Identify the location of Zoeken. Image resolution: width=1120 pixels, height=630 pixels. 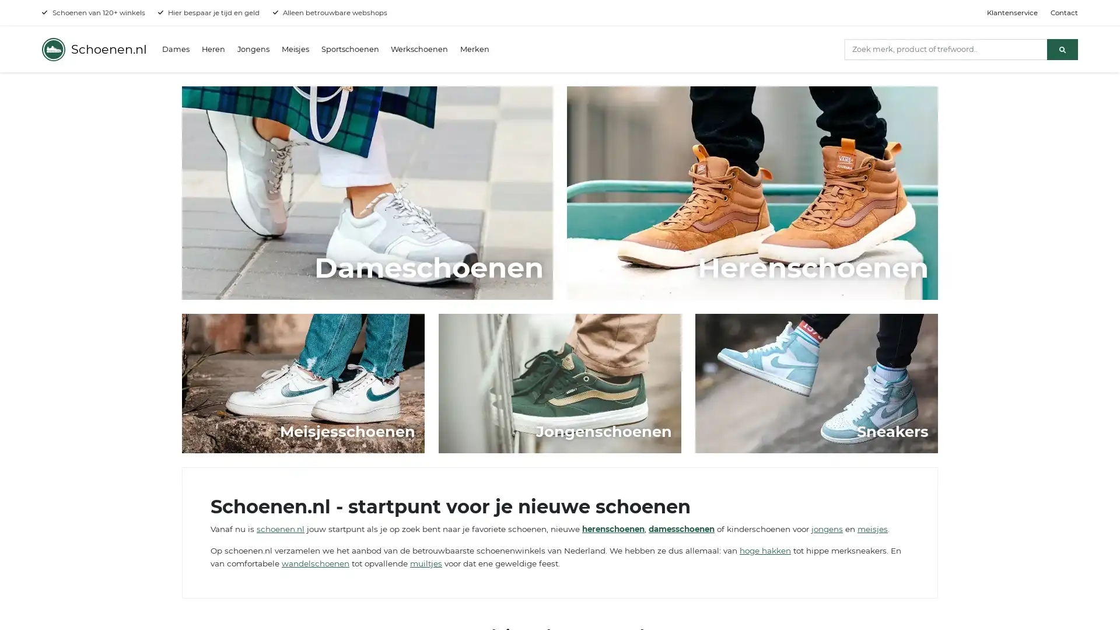
(1062, 48).